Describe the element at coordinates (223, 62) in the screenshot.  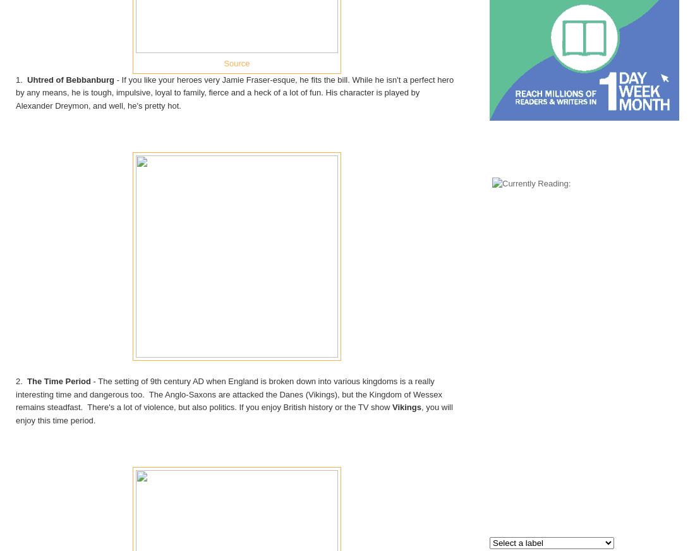
I see `'Source'` at that location.